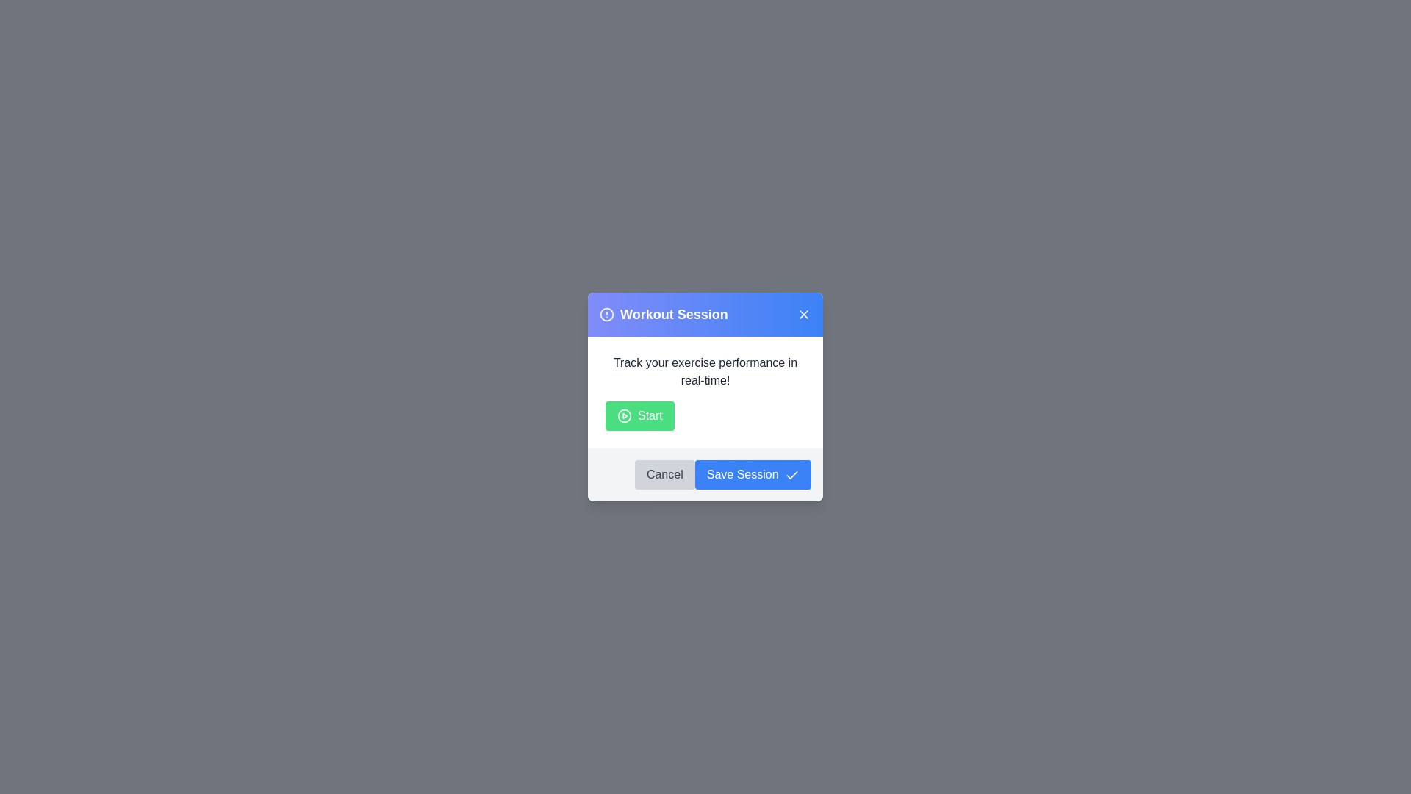 The height and width of the screenshot is (794, 1411). What do you see at coordinates (705, 371) in the screenshot?
I see `the text 'Track your exercise performance in real-time!'` at bounding box center [705, 371].